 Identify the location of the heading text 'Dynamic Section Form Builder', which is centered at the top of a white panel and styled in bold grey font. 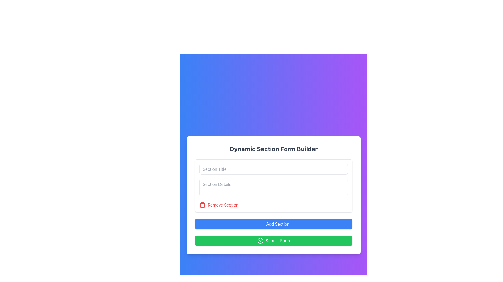
(273, 149).